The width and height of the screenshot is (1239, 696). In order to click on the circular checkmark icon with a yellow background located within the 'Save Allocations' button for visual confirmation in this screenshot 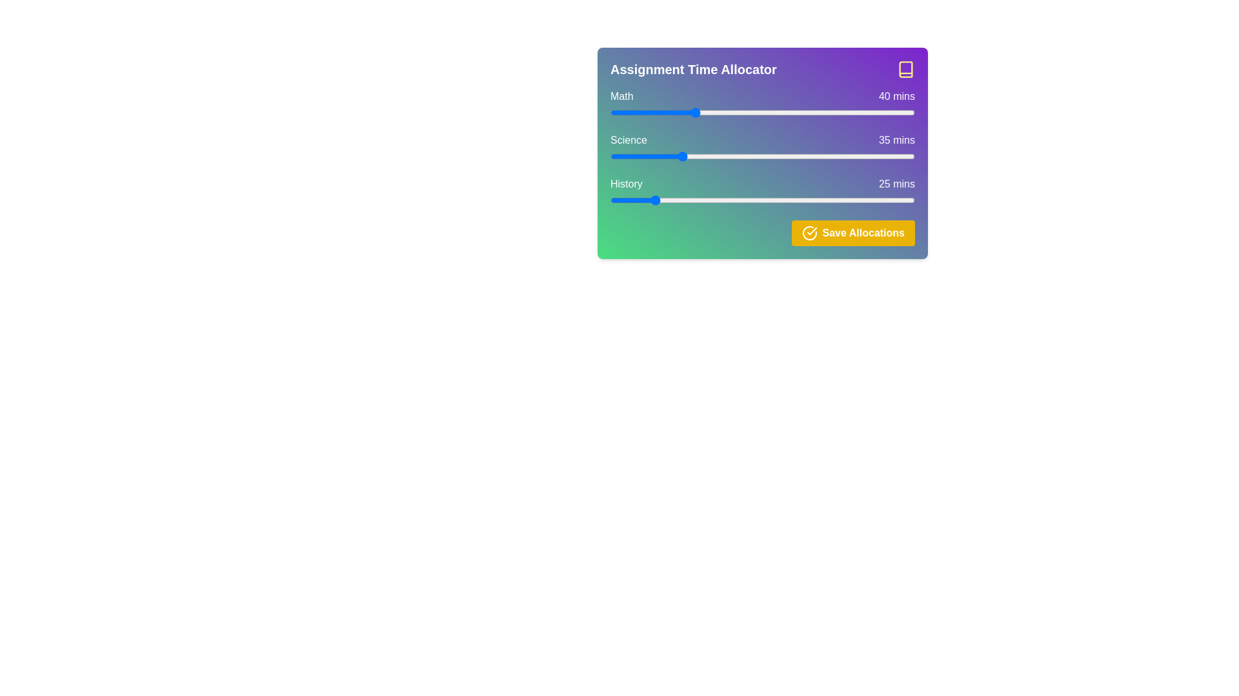, I will do `click(809, 233)`.